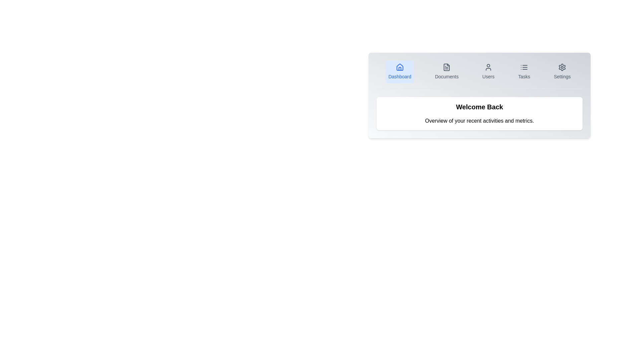  I want to click on the navigation button at the top left of the interface to trigger the hover effect, so click(400, 72).